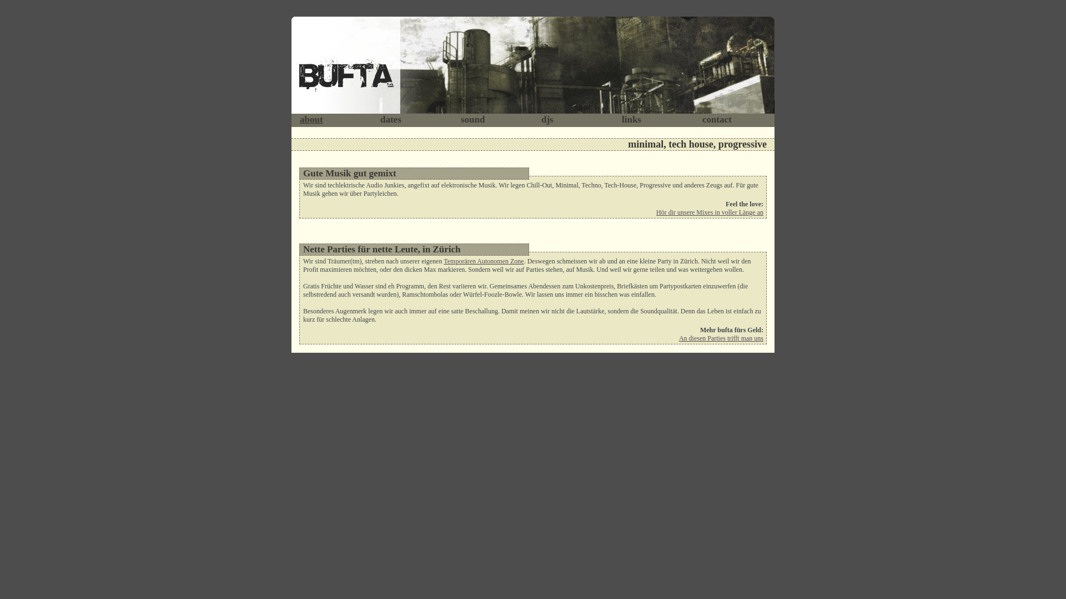  I want to click on 'links', so click(631, 119).